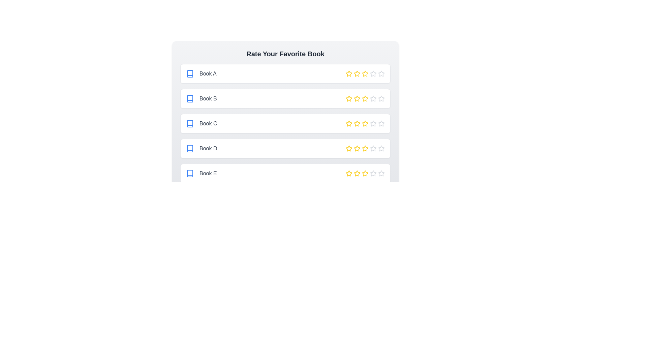 This screenshot has height=364, width=647. Describe the element at coordinates (201, 123) in the screenshot. I see `the book name Book C to focus or interact with the text` at that location.